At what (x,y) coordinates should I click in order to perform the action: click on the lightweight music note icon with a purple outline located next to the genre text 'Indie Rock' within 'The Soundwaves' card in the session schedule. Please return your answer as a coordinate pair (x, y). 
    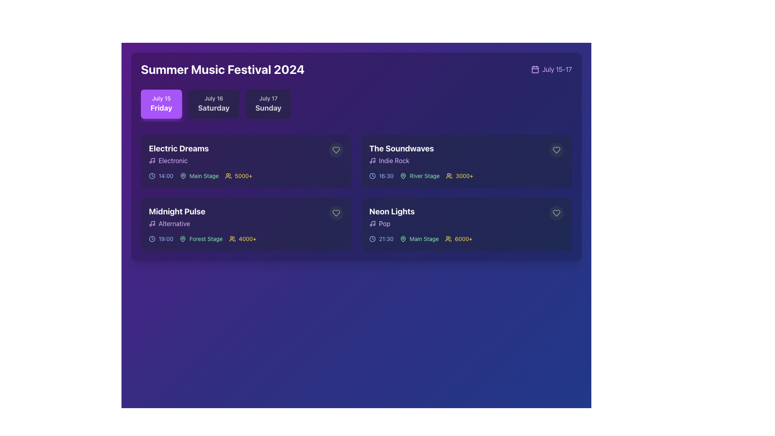
    Looking at the image, I should click on (372, 160).